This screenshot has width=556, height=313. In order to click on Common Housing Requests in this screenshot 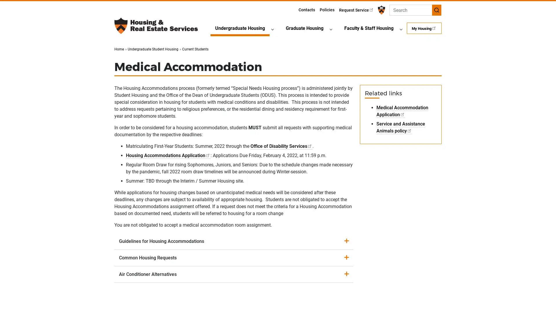, I will do `click(233, 258)`.